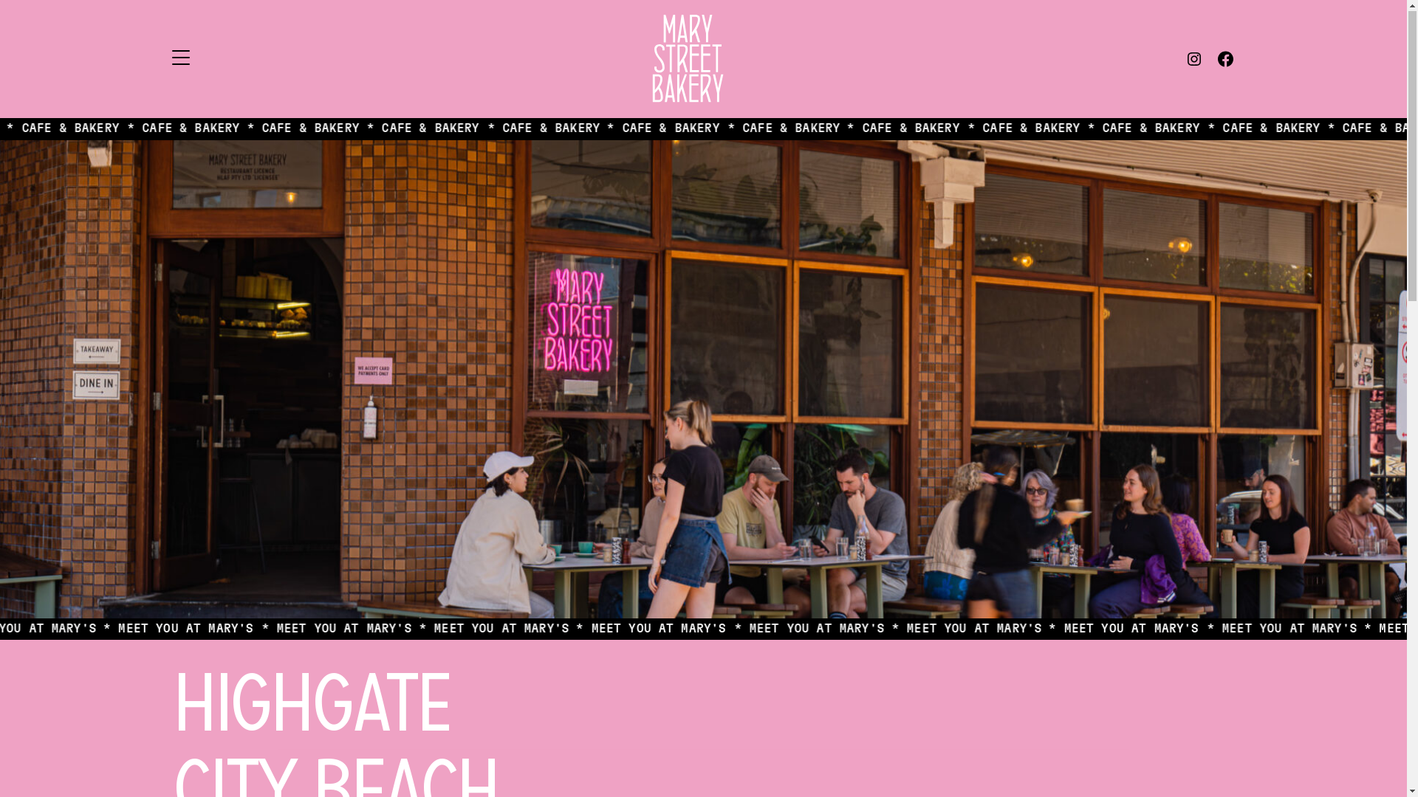 The height and width of the screenshot is (797, 1418). I want to click on 'Instagram', so click(1194, 59).